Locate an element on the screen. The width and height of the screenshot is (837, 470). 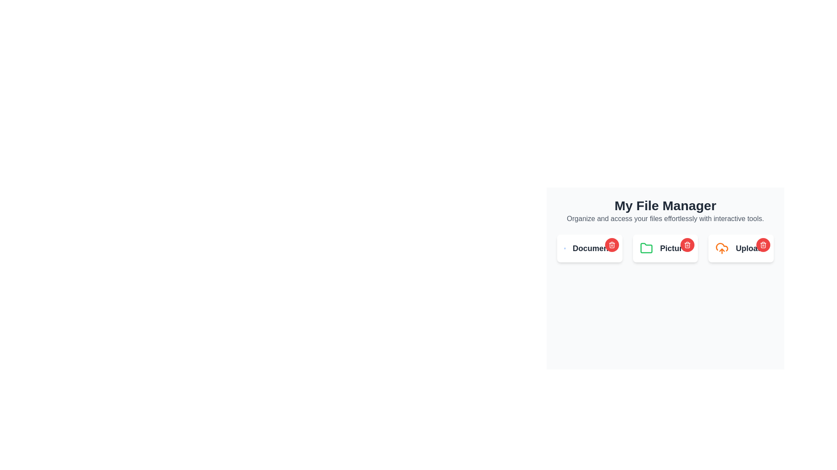
the folder icon with a green outline located to the left of the text 'Picture' in the second grid item is located at coordinates (646, 248).